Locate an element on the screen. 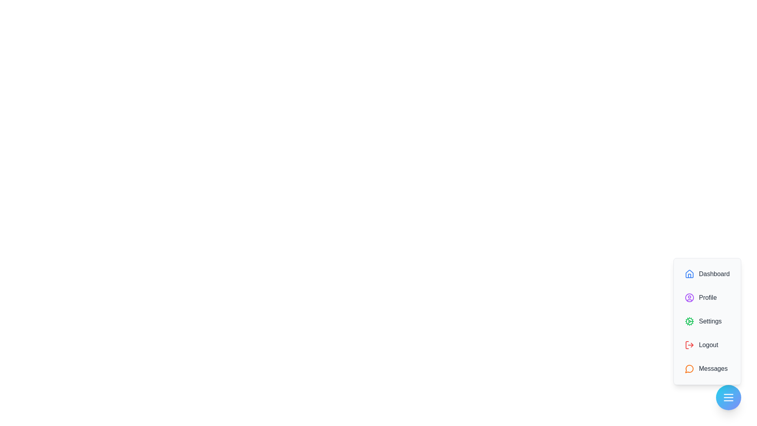 The height and width of the screenshot is (426, 757). the 'Dashboard' button in the menu is located at coordinates (707, 273).